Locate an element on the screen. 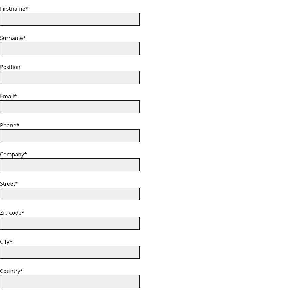 This screenshot has height=296, width=288. 'Phone*' is located at coordinates (0, 125).